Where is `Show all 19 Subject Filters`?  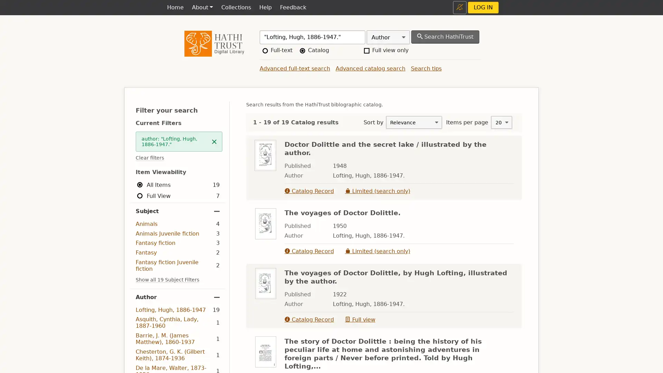 Show all 19 Subject Filters is located at coordinates (167, 280).